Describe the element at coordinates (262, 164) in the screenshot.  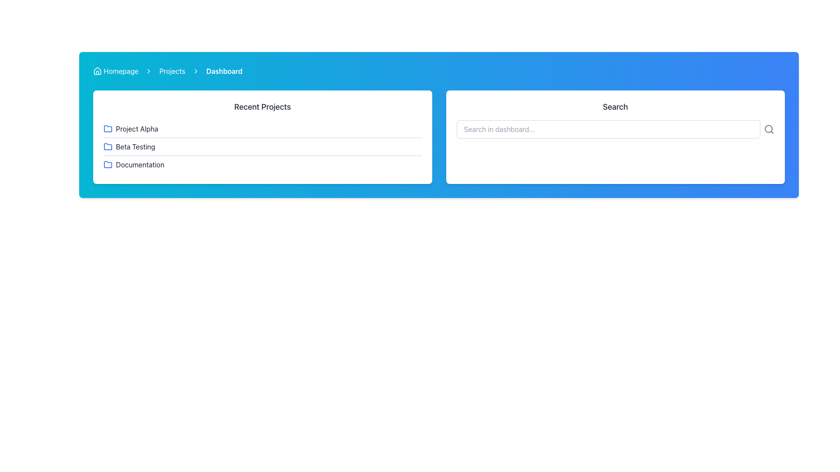
I see `the third button in the 'Recent Projects' section` at that location.